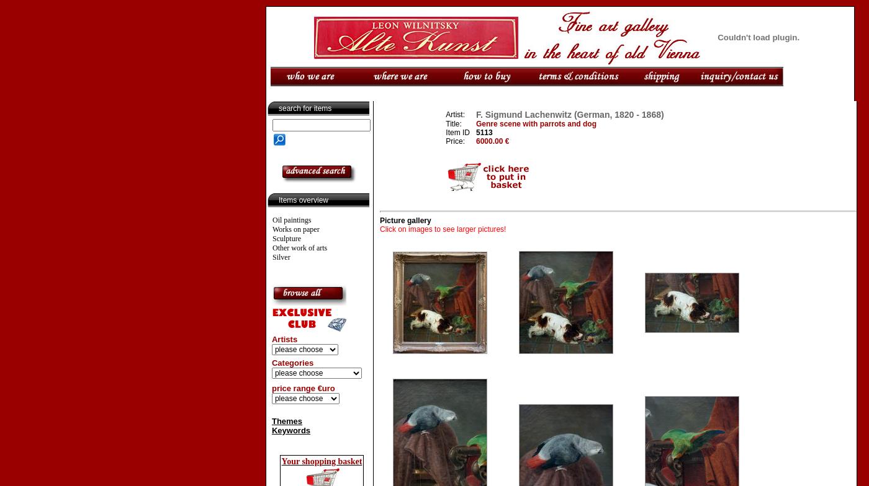  What do you see at coordinates (299, 247) in the screenshot?
I see `'Other work of arts'` at bounding box center [299, 247].